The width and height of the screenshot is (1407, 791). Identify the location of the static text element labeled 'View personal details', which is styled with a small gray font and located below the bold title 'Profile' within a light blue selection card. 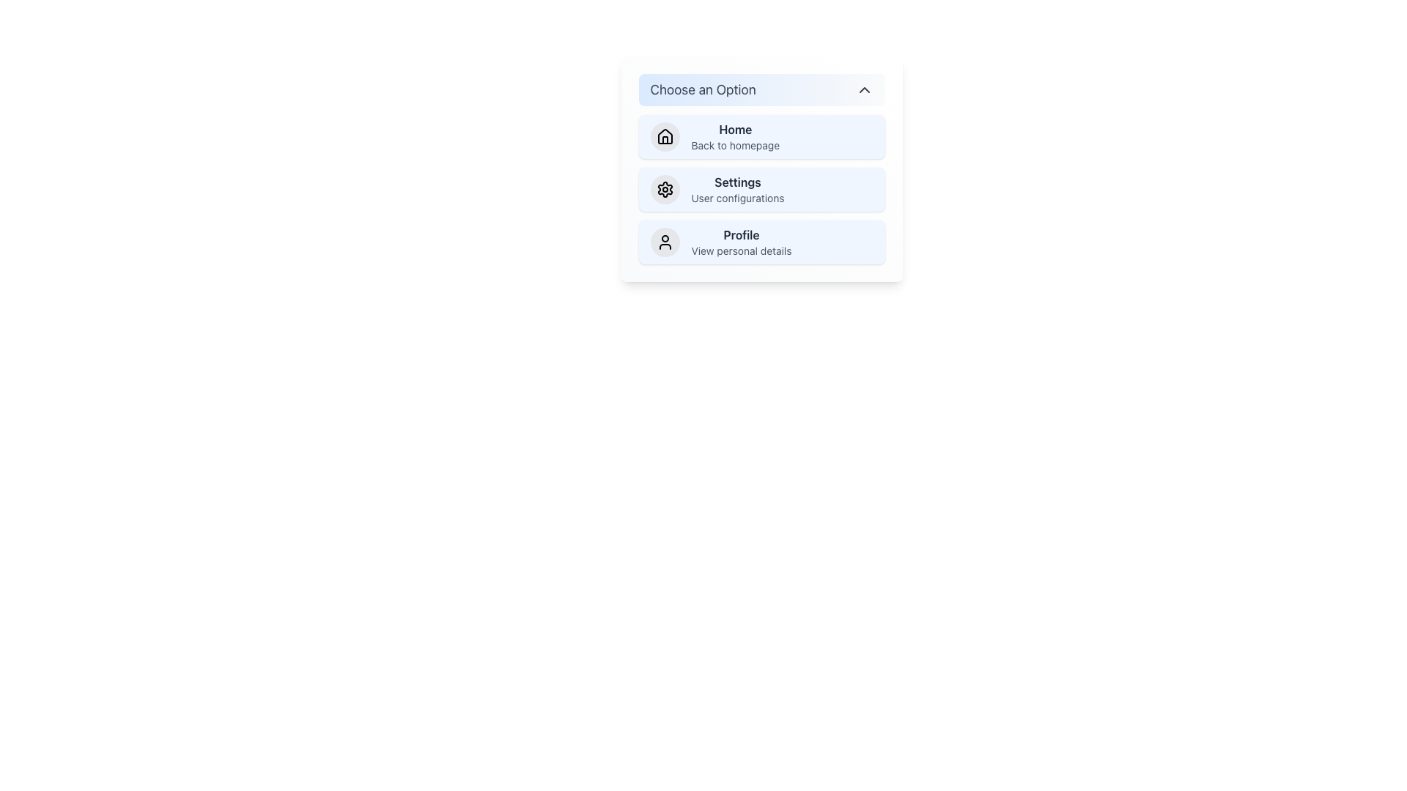
(742, 250).